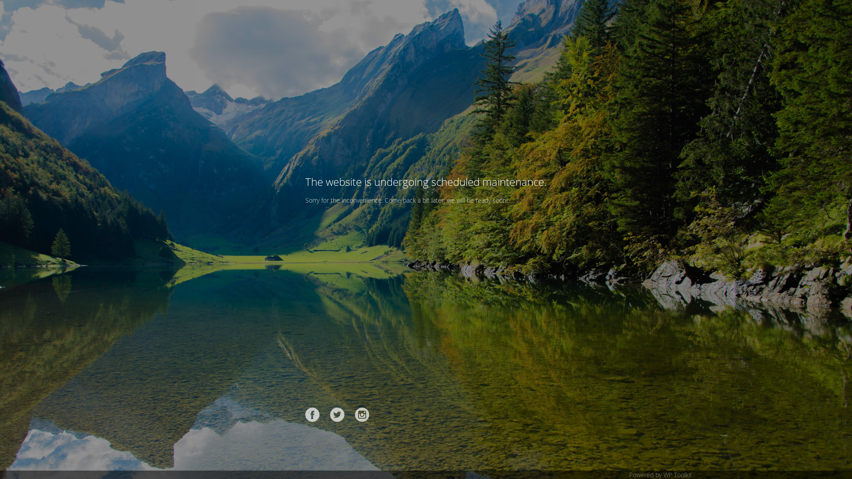 The height and width of the screenshot is (479, 852). Describe the element at coordinates (312, 414) in the screenshot. I see `'Facebook'` at that location.